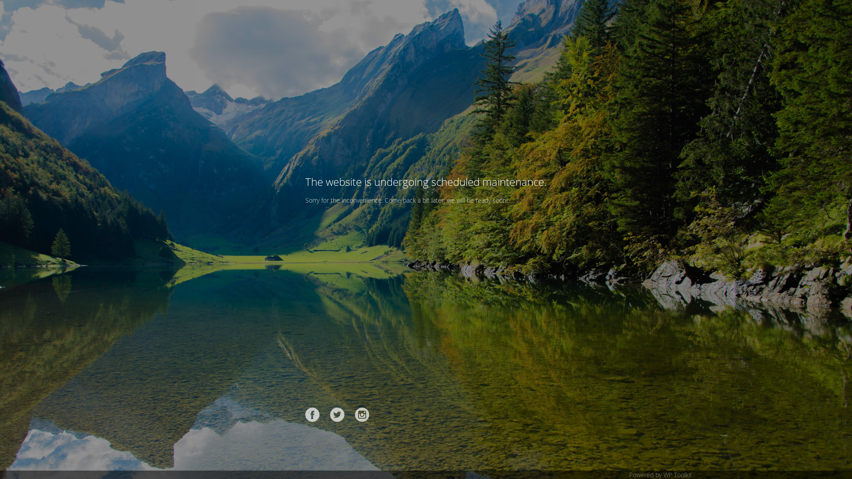 The height and width of the screenshot is (479, 852). Describe the element at coordinates (312, 414) in the screenshot. I see `'Facebook'` at that location.